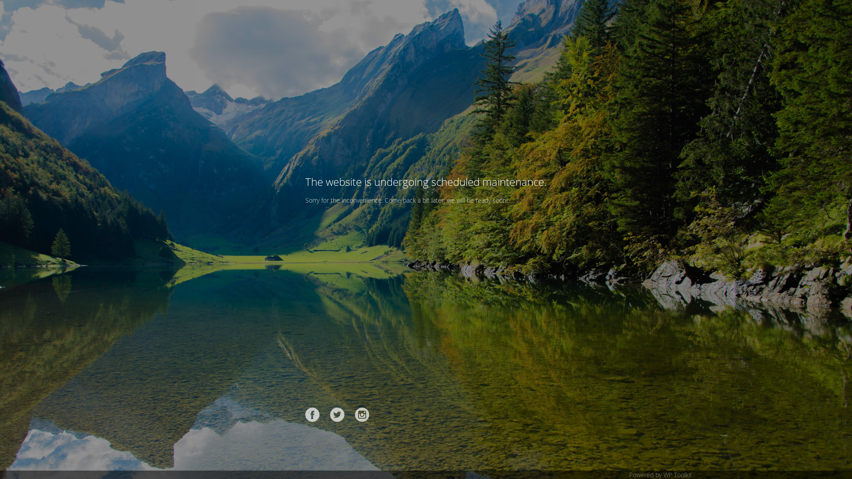 The height and width of the screenshot is (479, 852). Describe the element at coordinates (312, 414) in the screenshot. I see `'Facebook'` at that location.